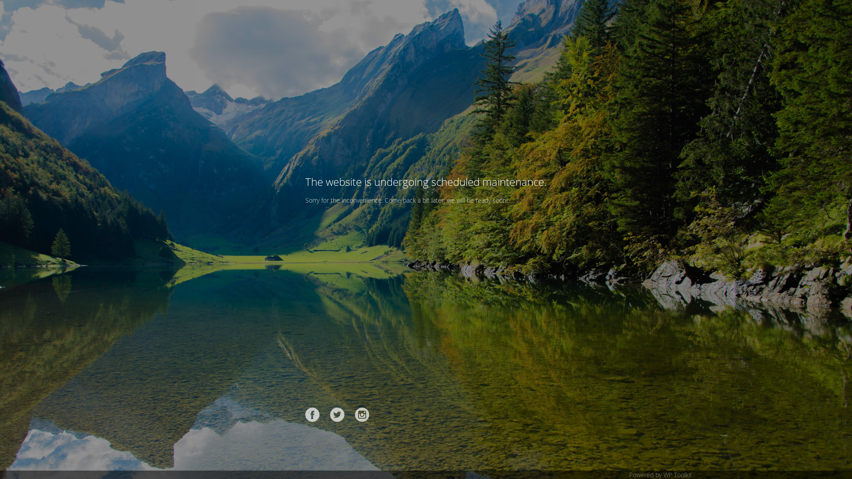 The height and width of the screenshot is (479, 852). Describe the element at coordinates (312, 414) in the screenshot. I see `'Facebook'` at that location.